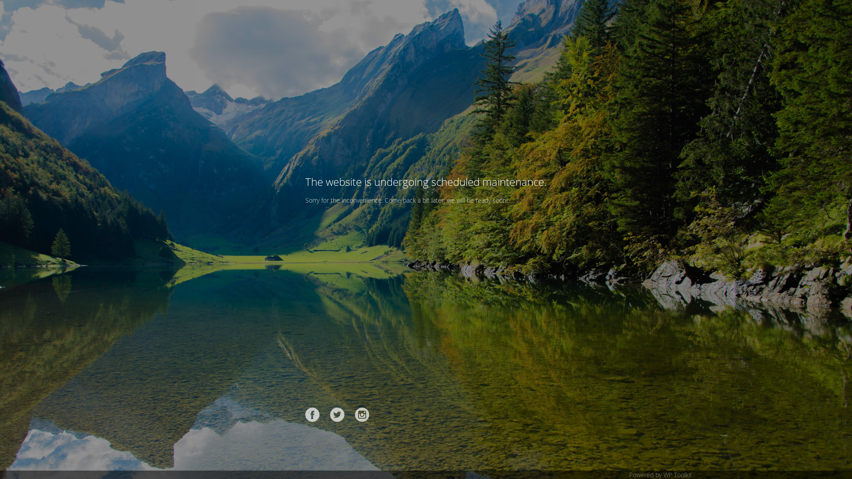 The height and width of the screenshot is (479, 852). Describe the element at coordinates (312, 414) in the screenshot. I see `'Facebook'` at that location.